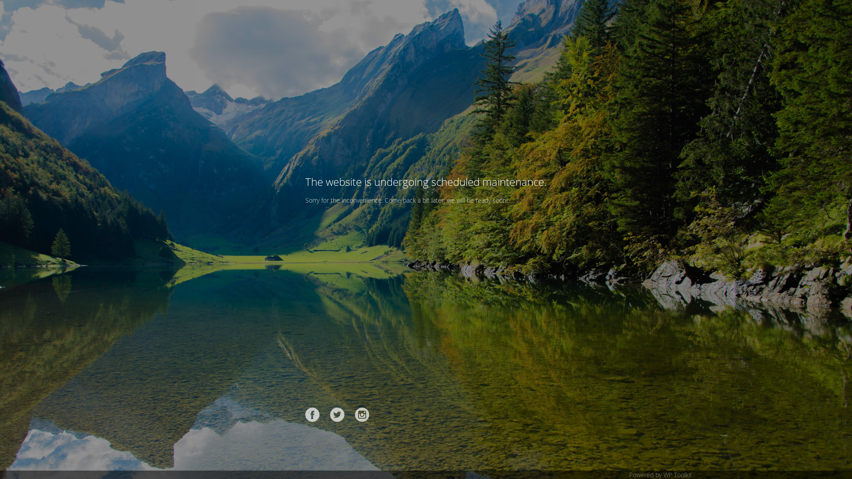 The height and width of the screenshot is (479, 852). Describe the element at coordinates (312, 414) in the screenshot. I see `'Facebook'` at that location.